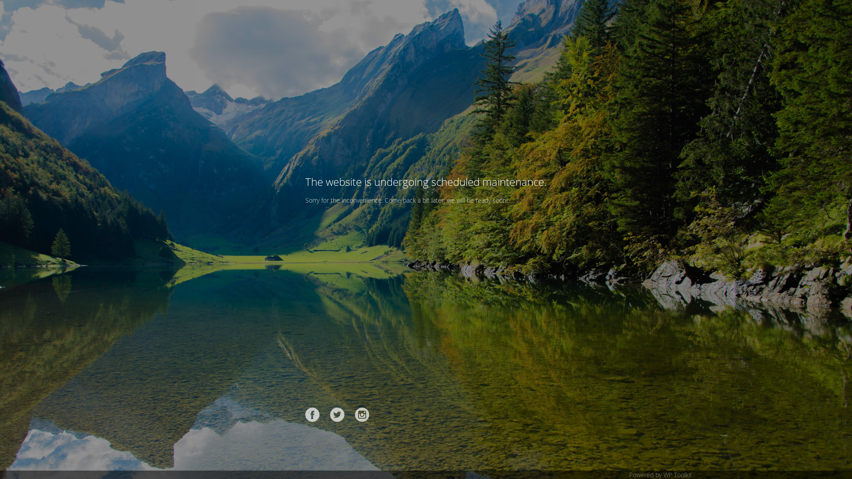 The height and width of the screenshot is (479, 852). Describe the element at coordinates (312, 414) in the screenshot. I see `'Facebook'` at that location.